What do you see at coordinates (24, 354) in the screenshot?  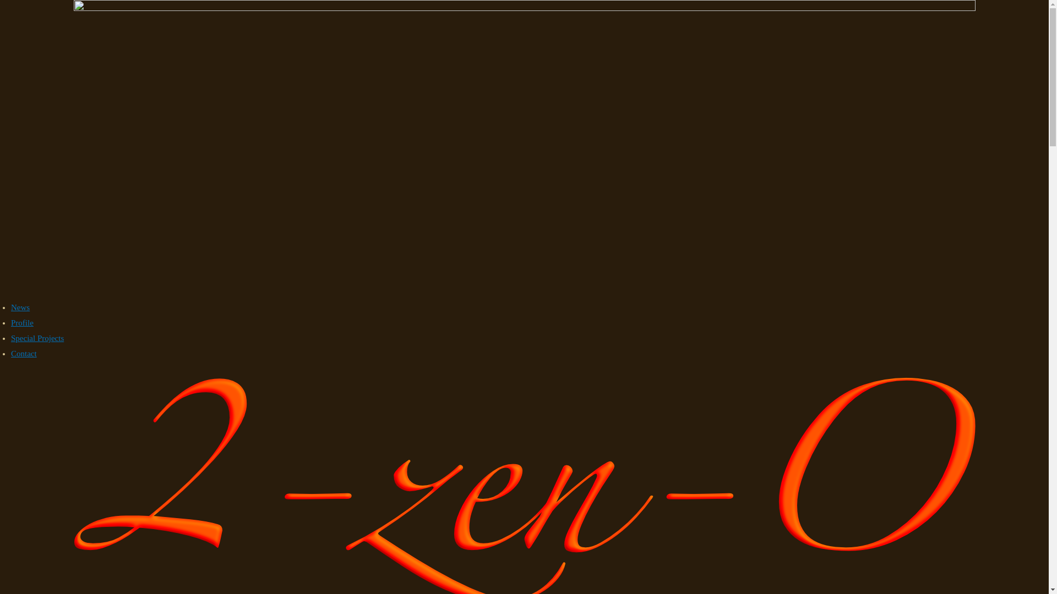 I see `'Contact'` at bounding box center [24, 354].